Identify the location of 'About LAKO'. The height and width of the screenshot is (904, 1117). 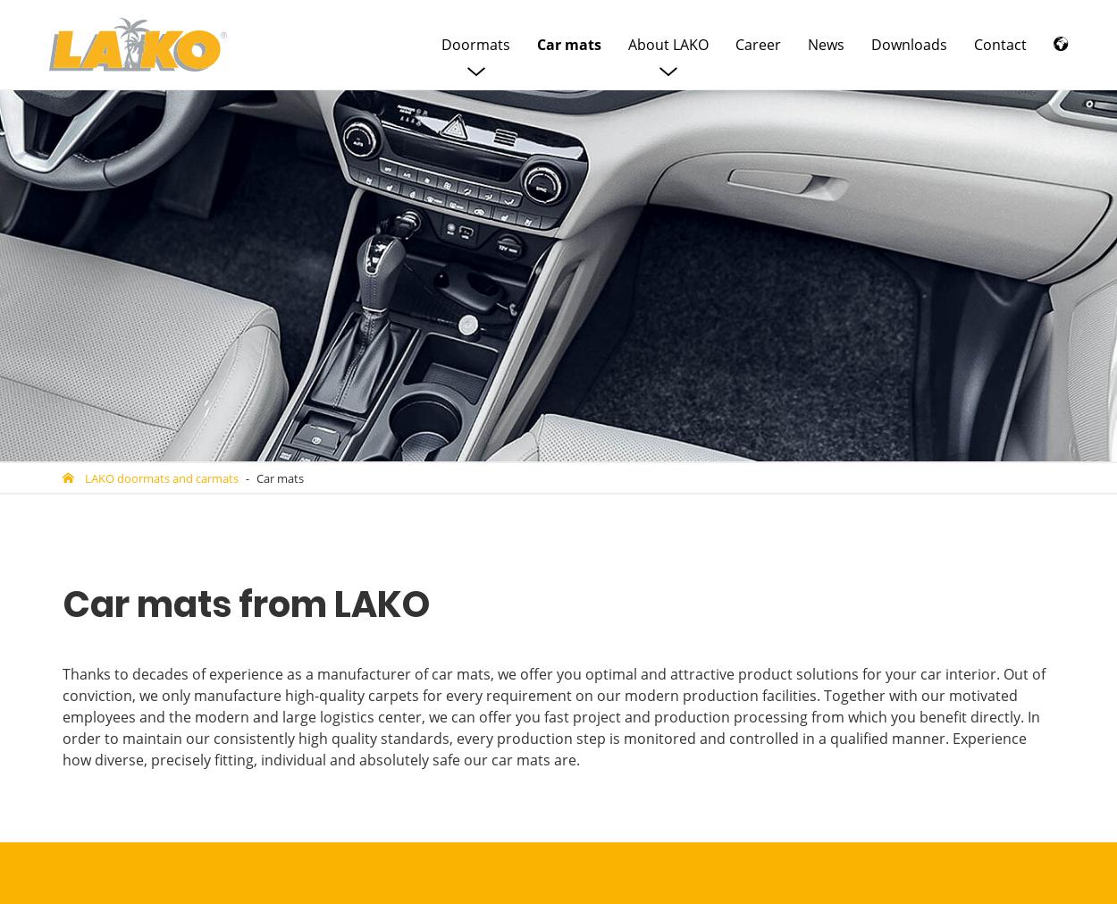
(668, 44).